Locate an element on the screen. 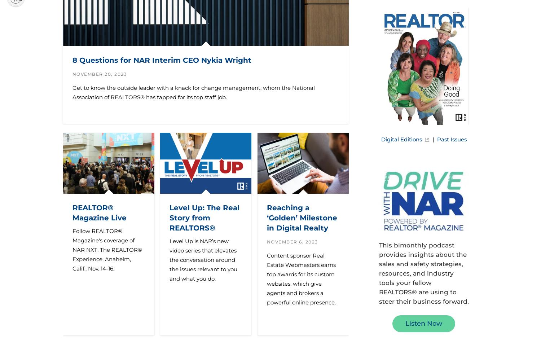 The width and height of the screenshot is (541, 347). '8 Questions for NAR Interim CEO Nykia Wright' is located at coordinates (161, 60).